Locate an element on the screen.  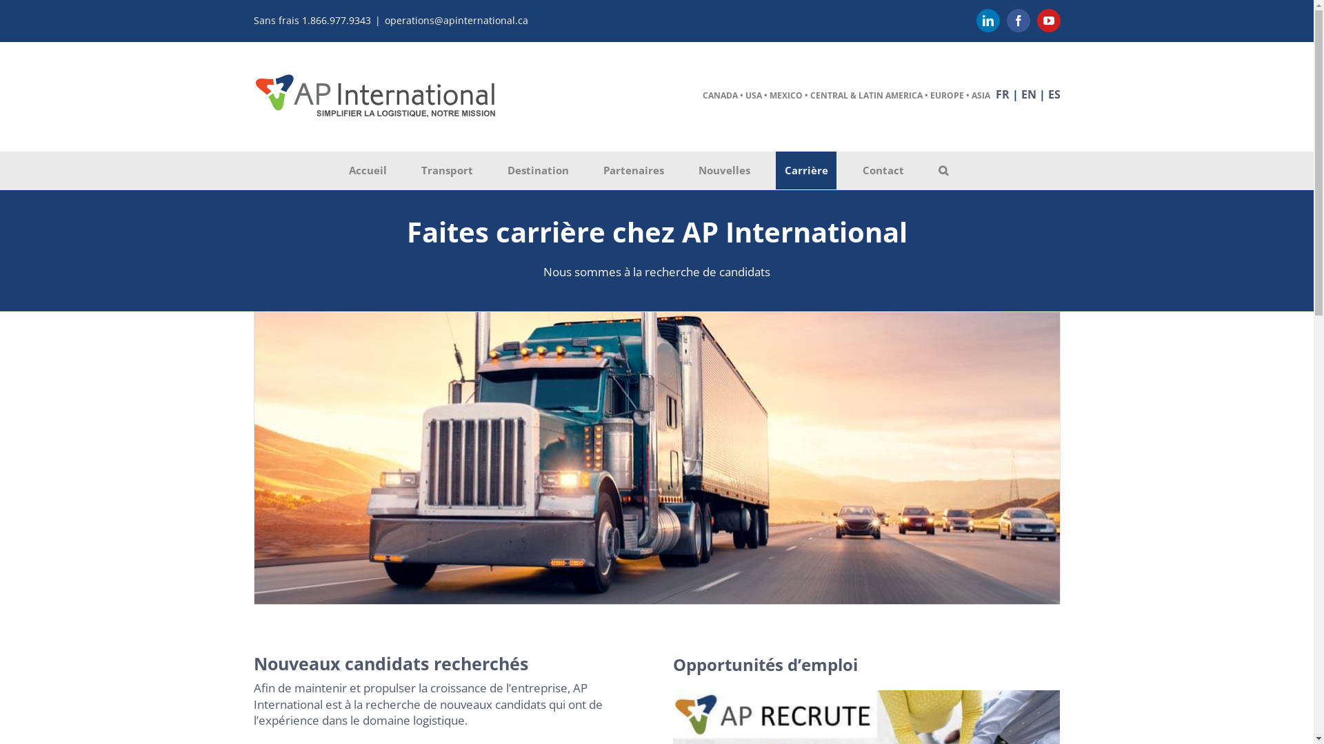
'Destination' is located at coordinates (536, 169).